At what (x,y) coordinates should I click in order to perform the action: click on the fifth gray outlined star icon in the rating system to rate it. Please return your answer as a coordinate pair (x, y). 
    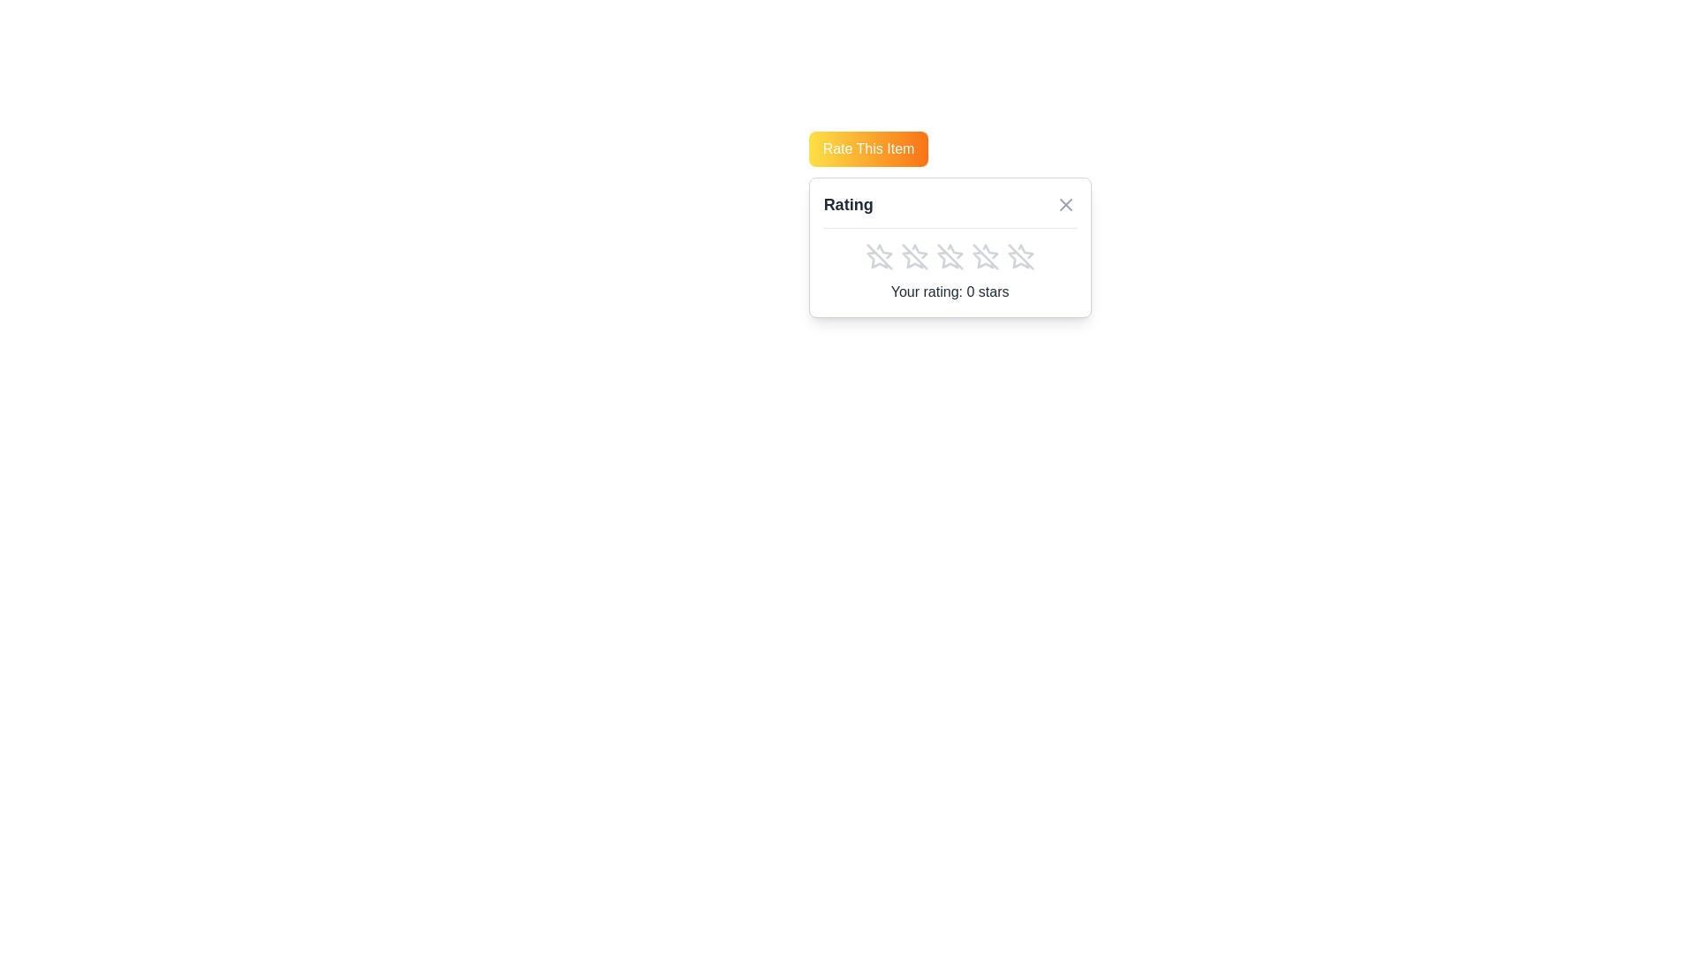
    Looking at the image, I should click on (1020, 256).